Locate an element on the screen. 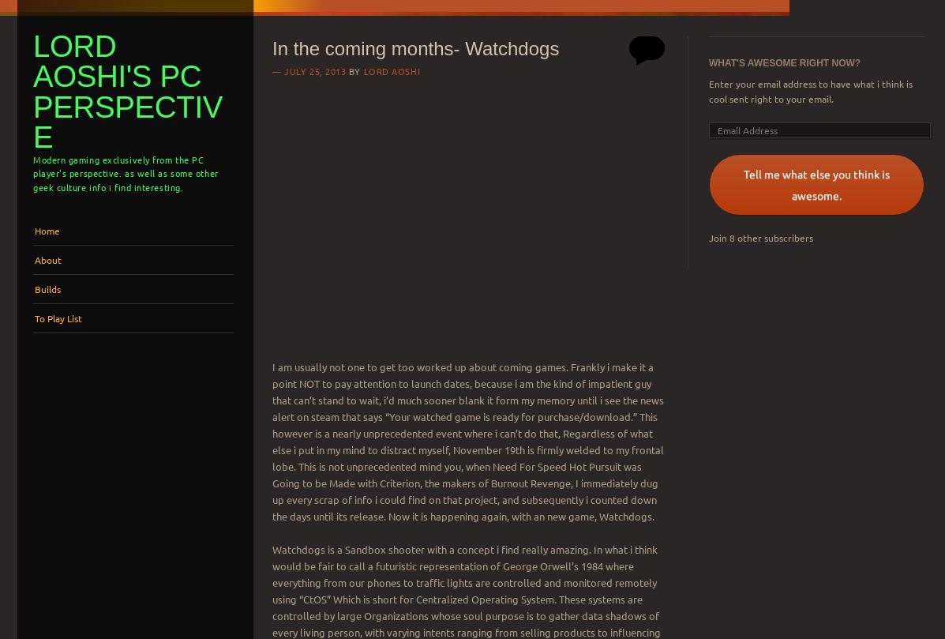 The height and width of the screenshot is (639, 945). 'Lord Aoshi's PC Perspective' is located at coordinates (32, 91).